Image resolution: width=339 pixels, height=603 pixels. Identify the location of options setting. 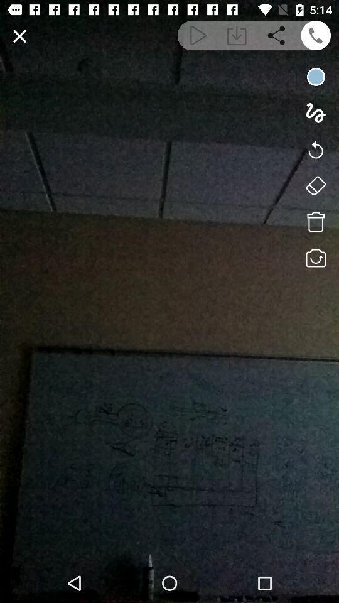
(315, 185).